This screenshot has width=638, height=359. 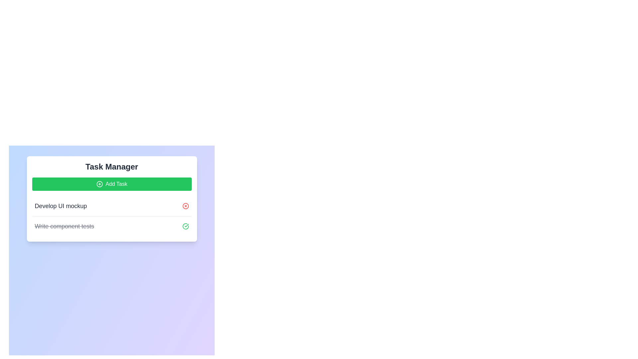 I want to click on the checkbox-like circular icon with a green border and a checkmark in the center, located to the right of the text 'Write component tests', to mark the task as complete, so click(x=185, y=226).